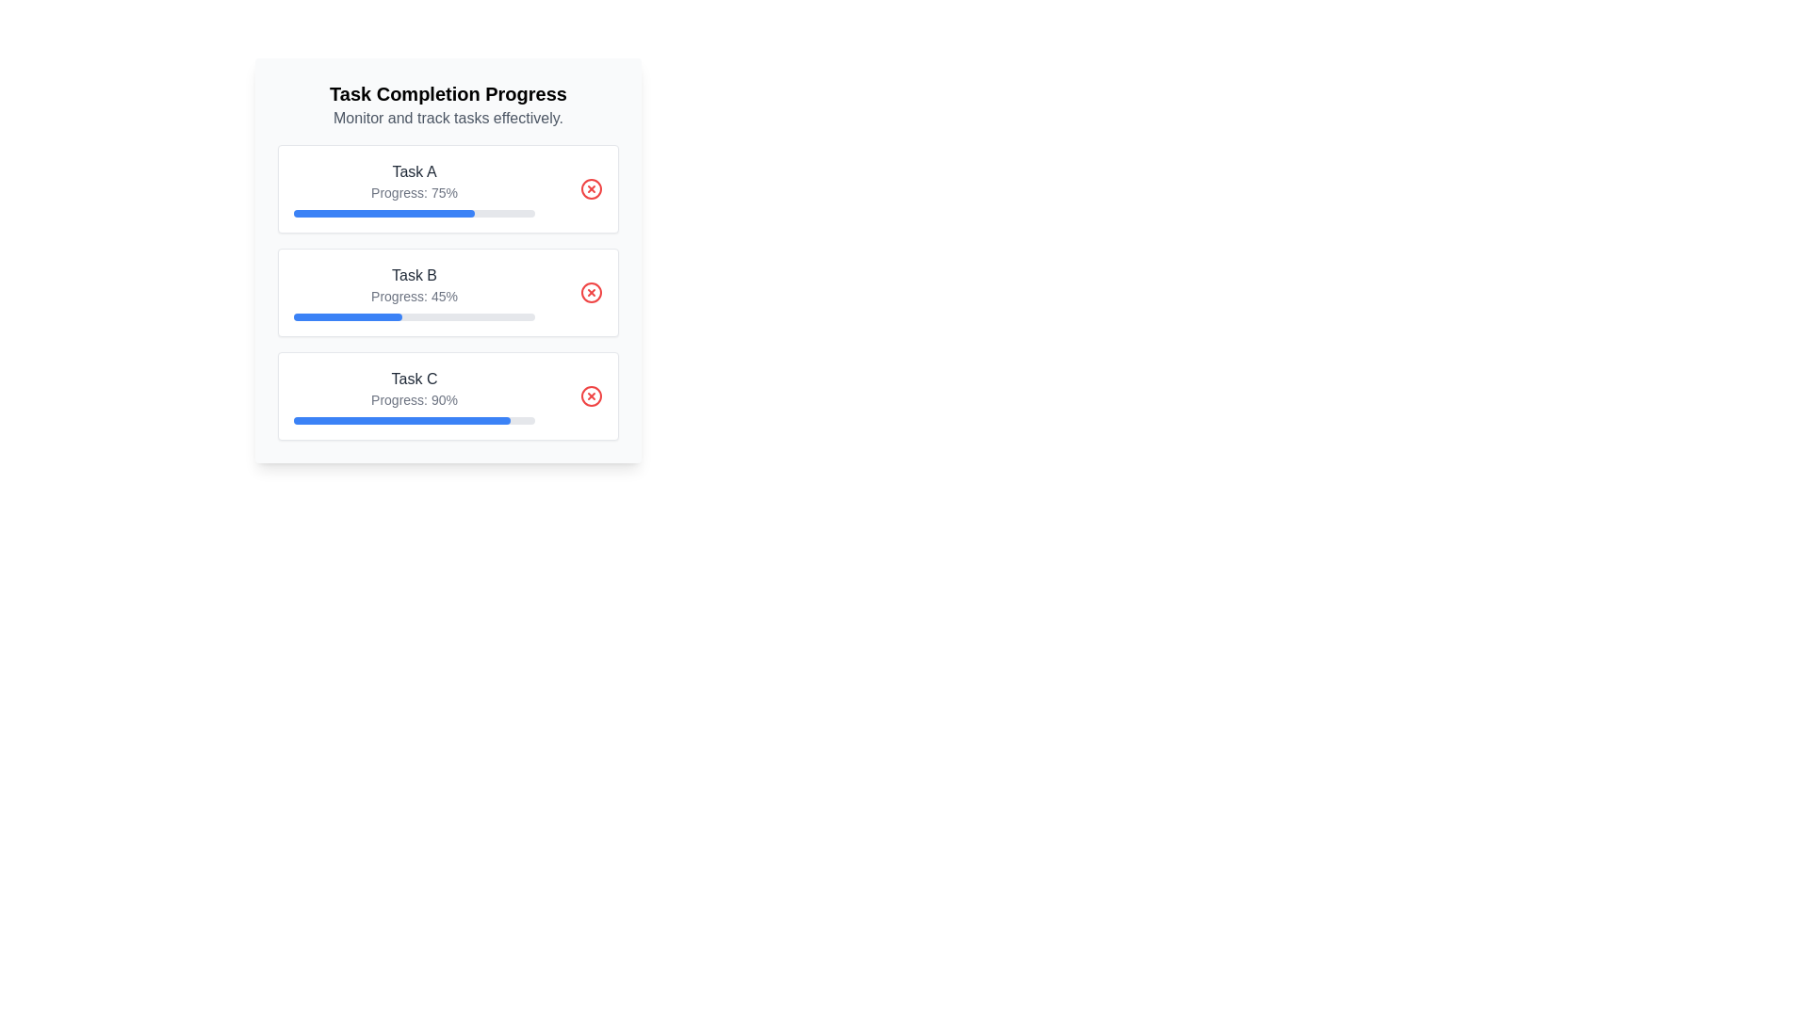 This screenshot has width=1809, height=1017. I want to click on the task progress display component for 'Task B', so click(447, 293).